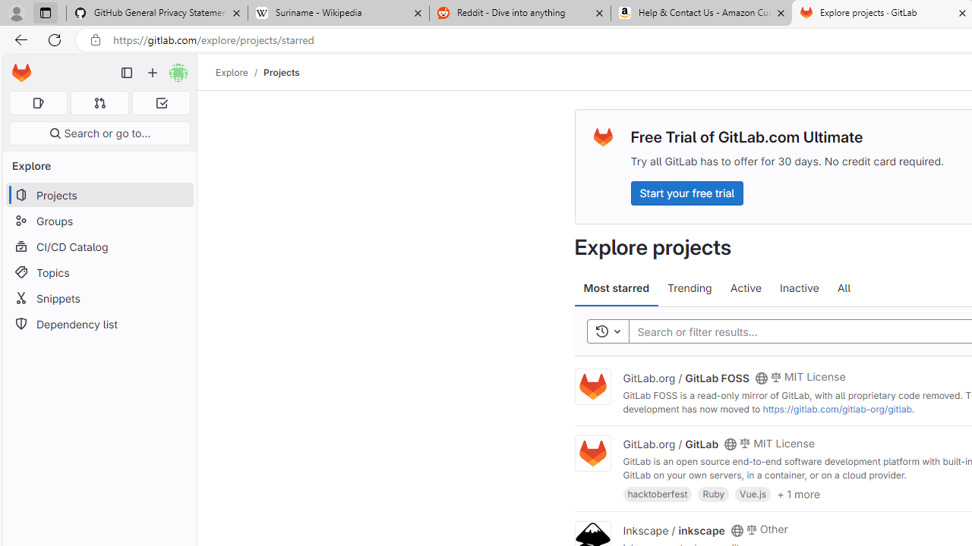 The image size is (972, 546). I want to click on '+ 1 more', so click(797, 493).